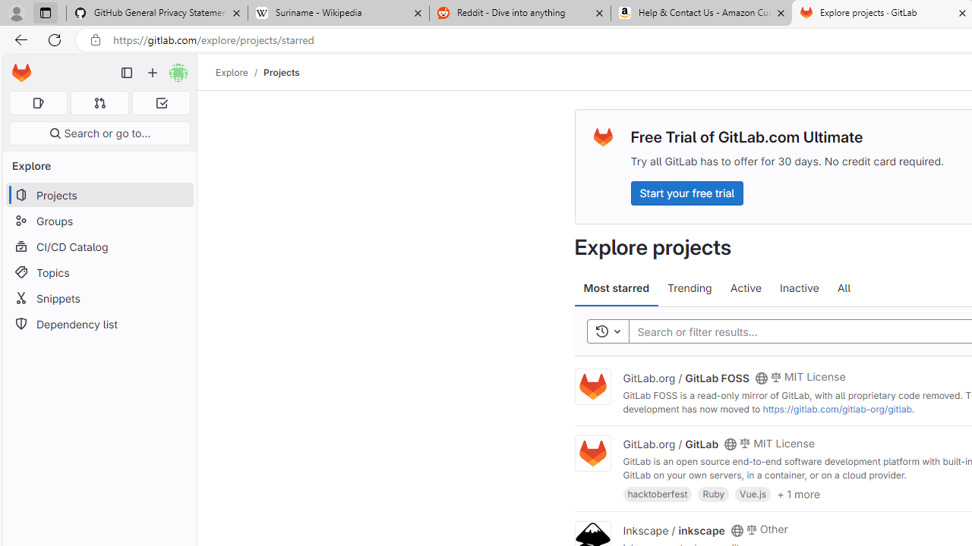 The image size is (972, 546). I want to click on '+ 1 more', so click(797, 493).